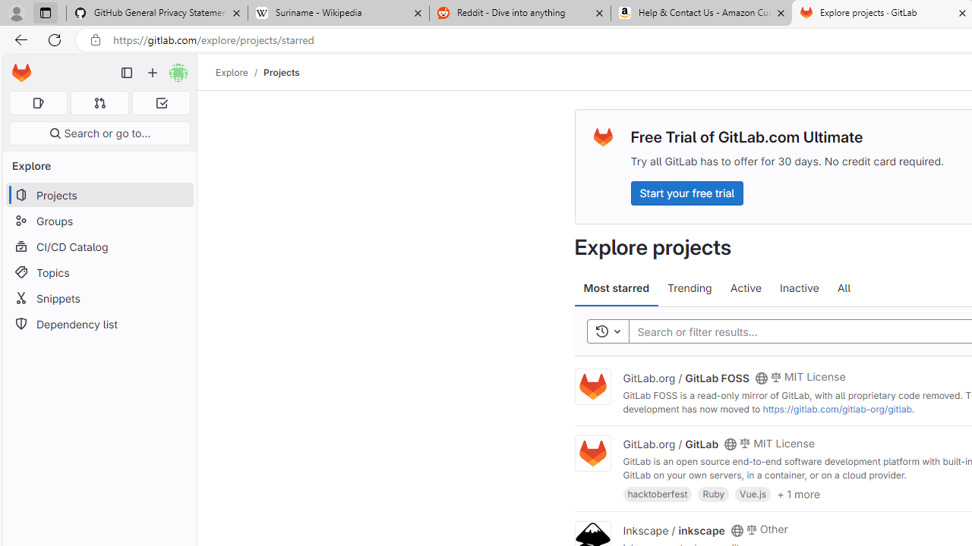 The image size is (972, 546). I want to click on '+ 1 more', so click(797, 493).